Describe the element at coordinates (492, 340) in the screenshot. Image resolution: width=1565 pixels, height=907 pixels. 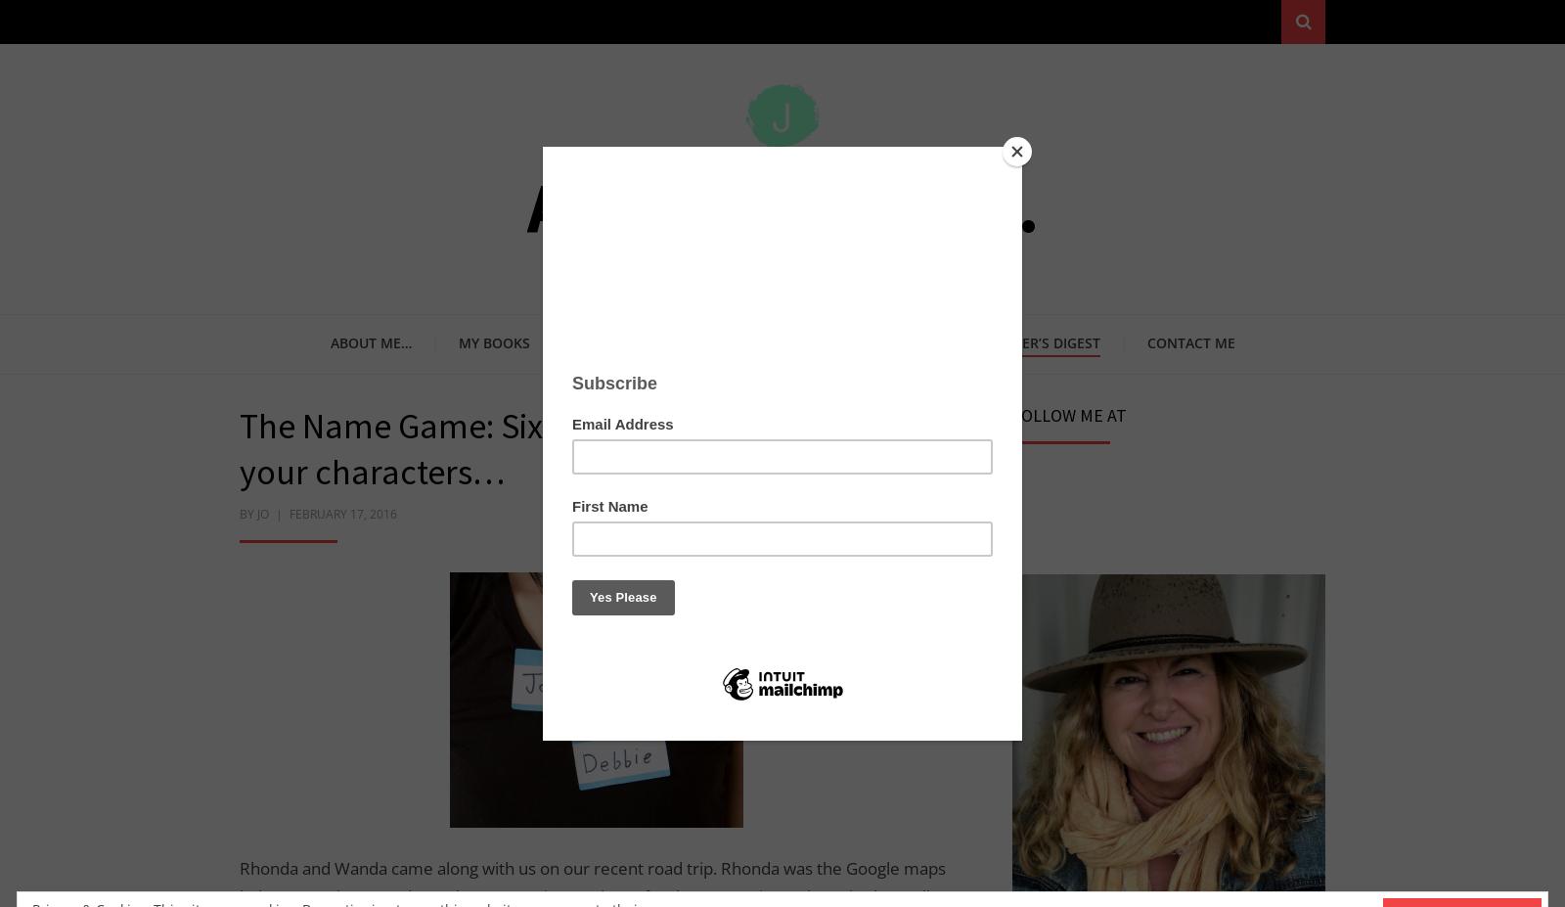
I see `'My Books'` at that location.